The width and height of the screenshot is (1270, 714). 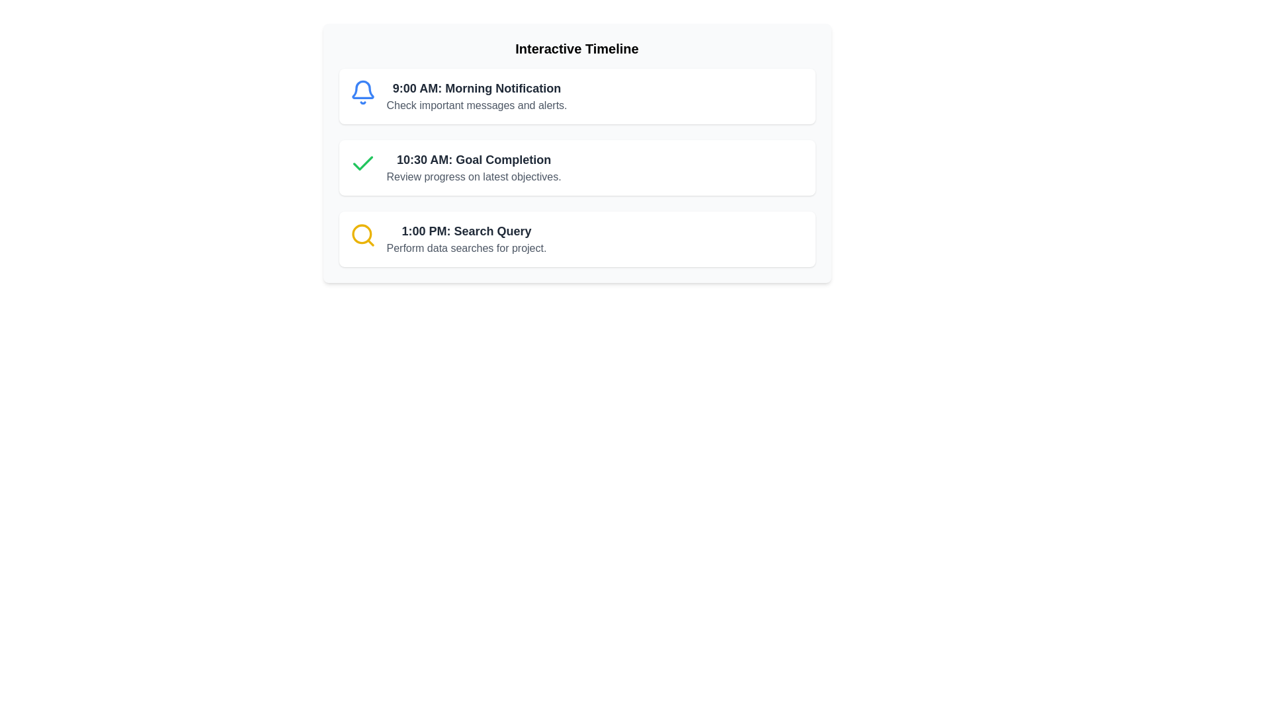 What do you see at coordinates (362, 163) in the screenshot?
I see `the green checkmark icon with a bold, rounded design that is adjacent to the '10:30 AM: Goal Completion' text in the second task card of the vertical task list` at bounding box center [362, 163].